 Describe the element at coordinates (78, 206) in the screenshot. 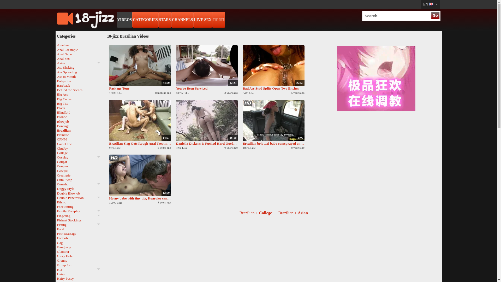

I see `'Face Sitting'` at that location.